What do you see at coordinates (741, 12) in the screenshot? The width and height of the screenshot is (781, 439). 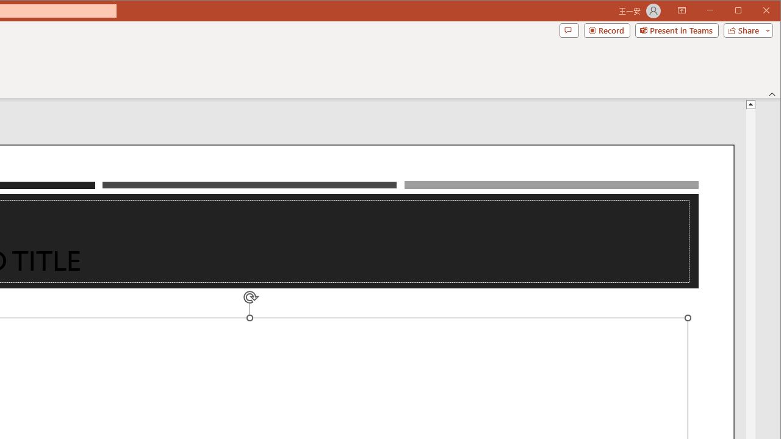 I see `'Minimize'` at bounding box center [741, 12].